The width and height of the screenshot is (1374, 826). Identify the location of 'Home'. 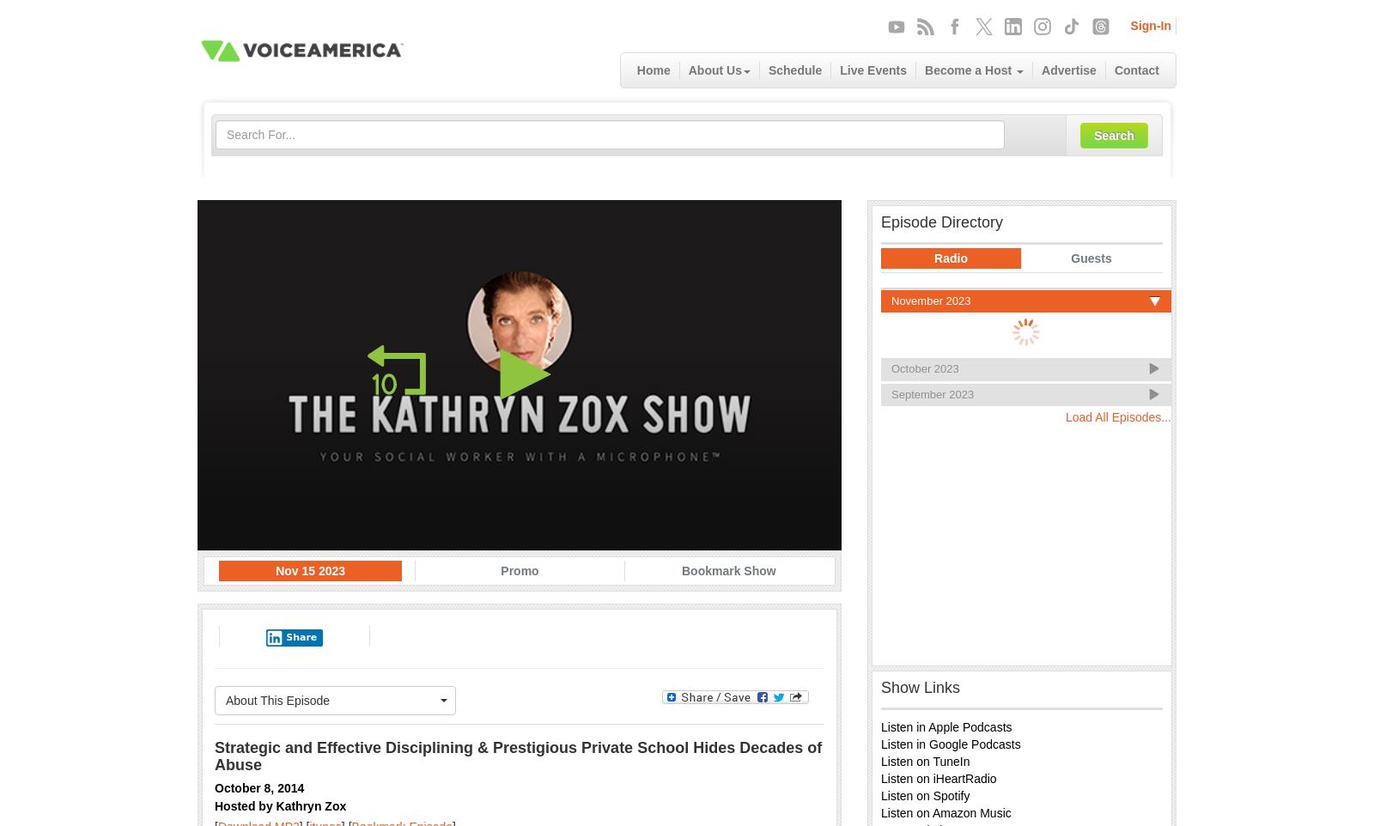
(653, 70).